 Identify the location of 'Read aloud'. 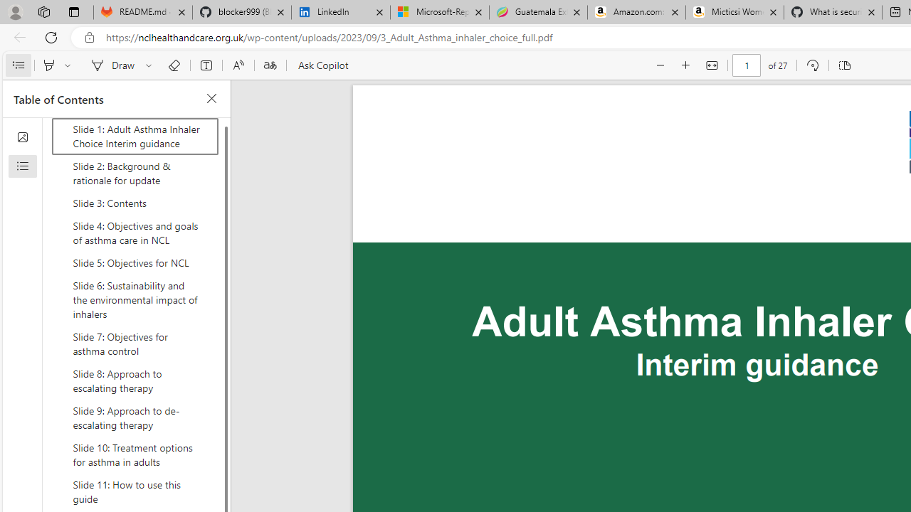
(238, 65).